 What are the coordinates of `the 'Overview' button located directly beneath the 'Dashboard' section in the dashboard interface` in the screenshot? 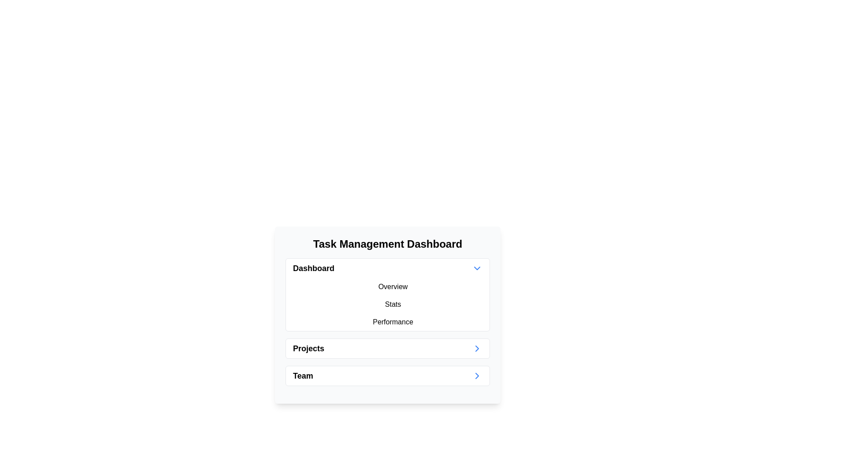 It's located at (393, 287).